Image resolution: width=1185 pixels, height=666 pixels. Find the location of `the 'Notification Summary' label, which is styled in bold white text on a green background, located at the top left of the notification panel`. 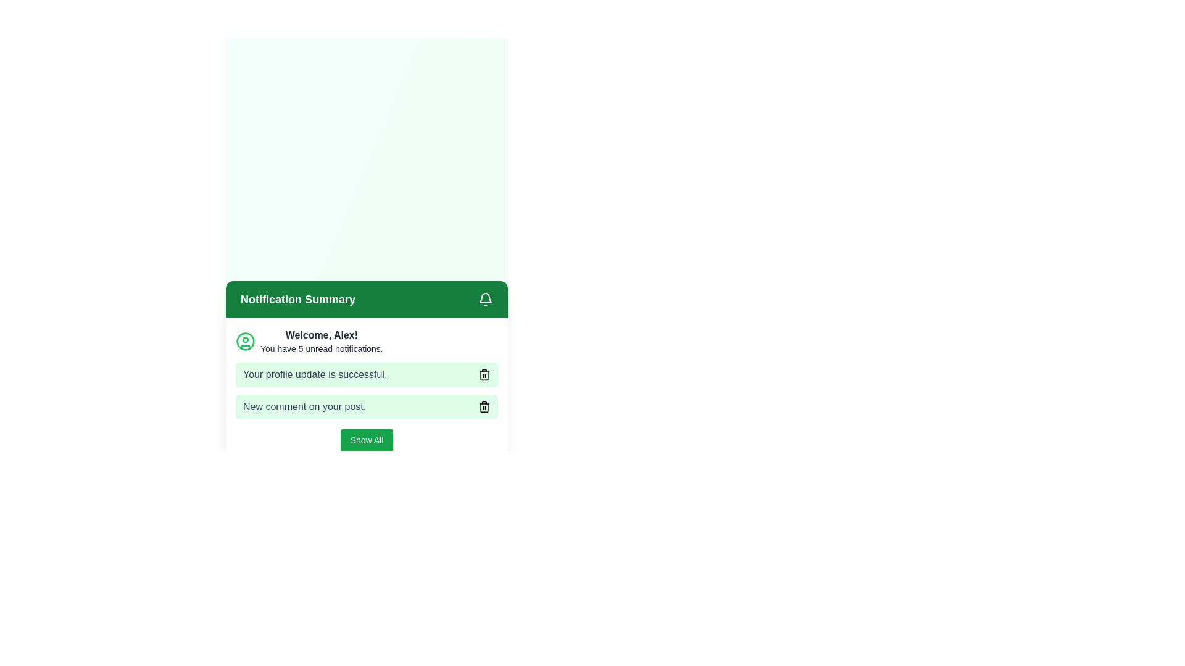

the 'Notification Summary' label, which is styled in bold white text on a green background, located at the top left of the notification panel is located at coordinates (298, 300).